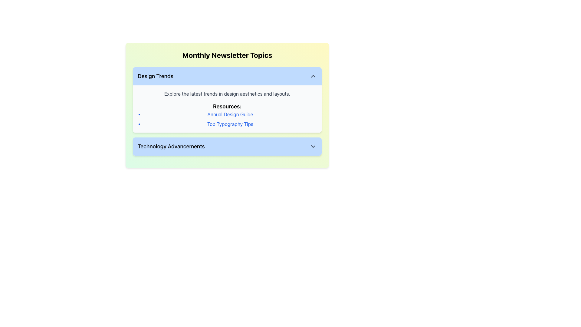 The image size is (581, 327). What do you see at coordinates (227, 106) in the screenshot?
I see `bold text label that states 'Resources:' which is centrally aligned below the introductory sentence in the 'Design Trends' section` at bounding box center [227, 106].